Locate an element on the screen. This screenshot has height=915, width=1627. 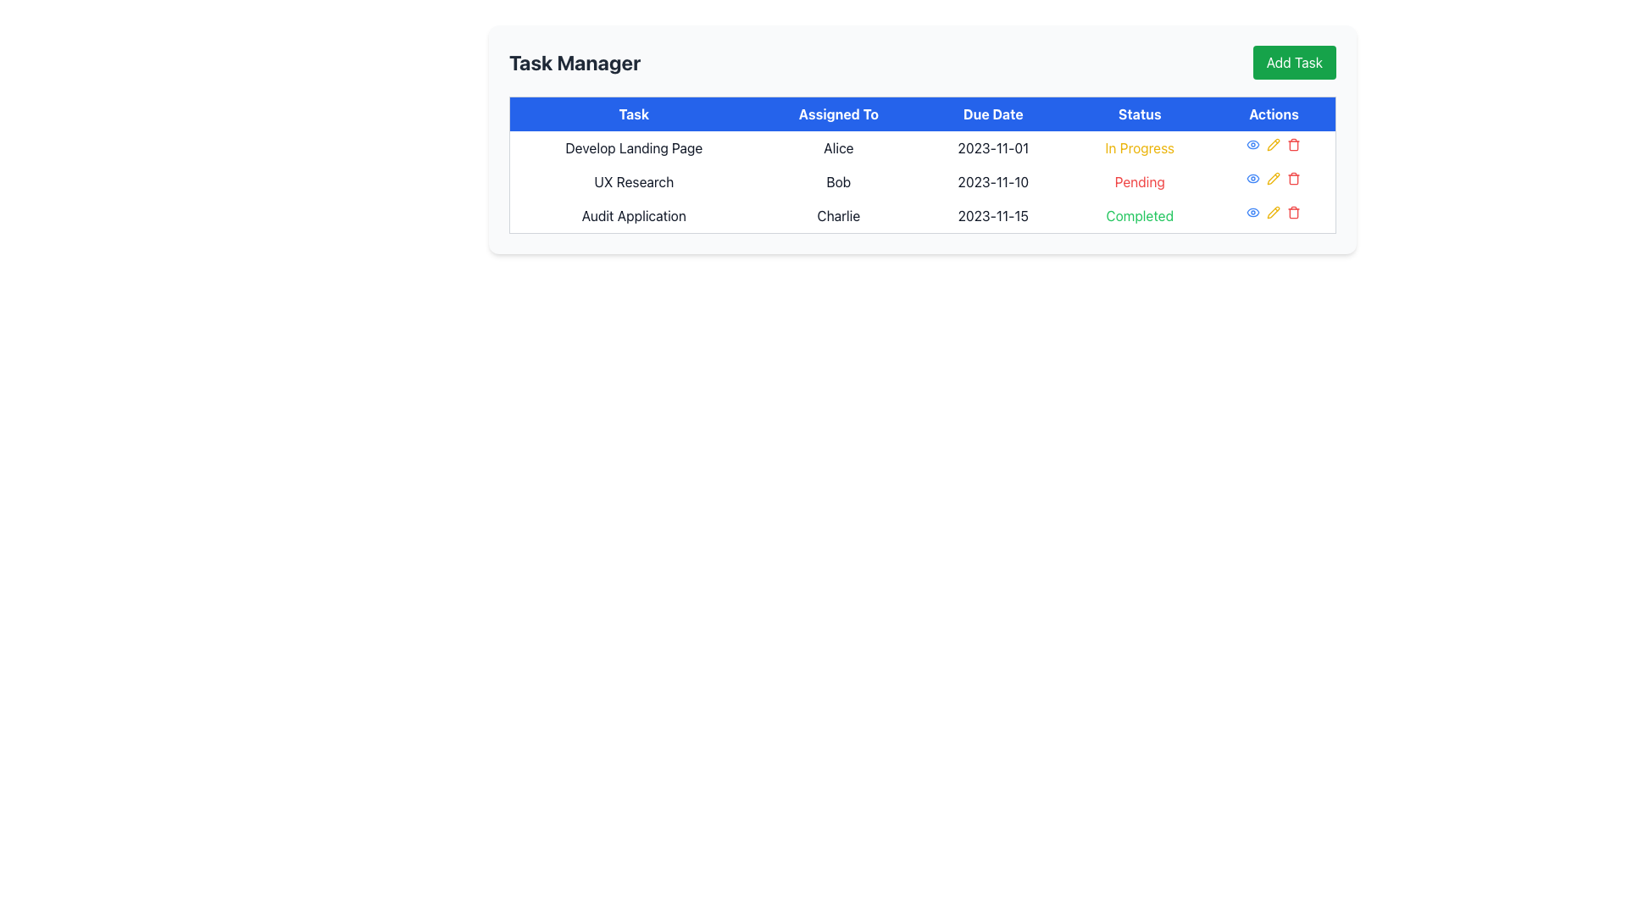
details of the task in the third row of the Task Manager table, which includes the task 'Audit Application', assigned to 'Charlie', due on '2023-11-15', and the status 'Completed' in green is located at coordinates (922, 214).